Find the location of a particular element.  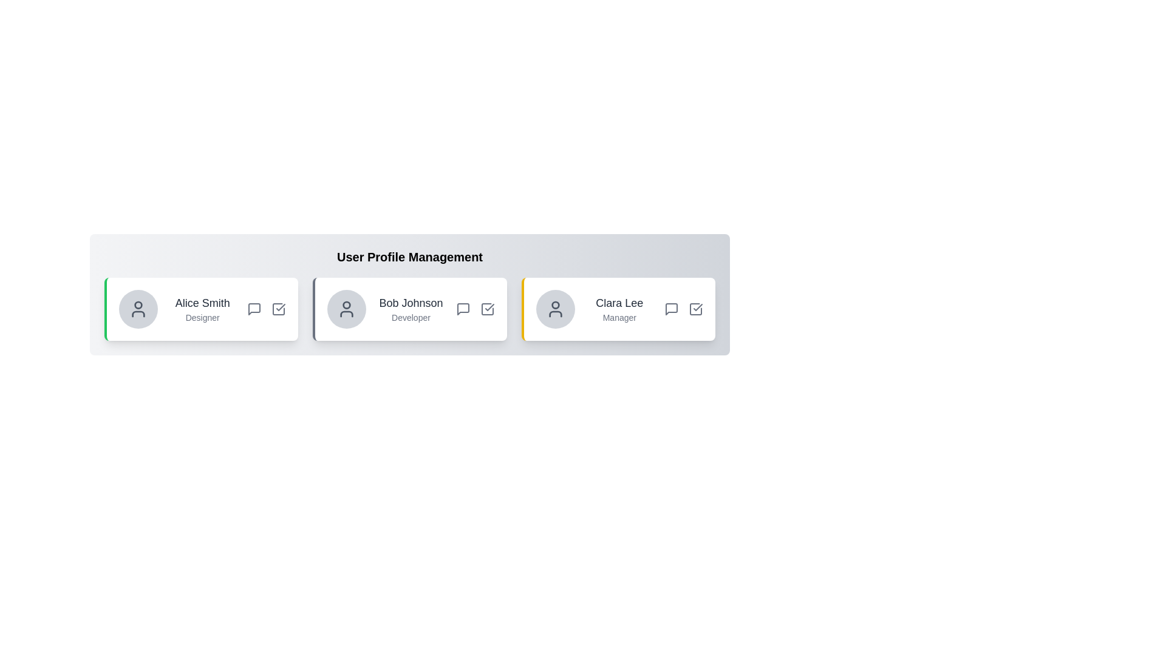

the messaging icon button located is located at coordinates (462, 308).